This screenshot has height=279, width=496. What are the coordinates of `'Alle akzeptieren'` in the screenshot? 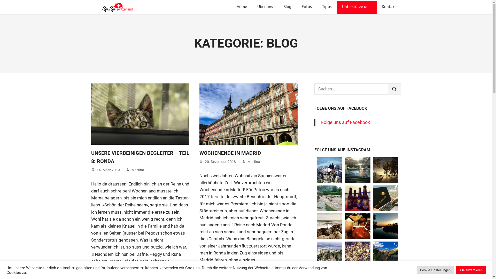 It's located at (456, 270).